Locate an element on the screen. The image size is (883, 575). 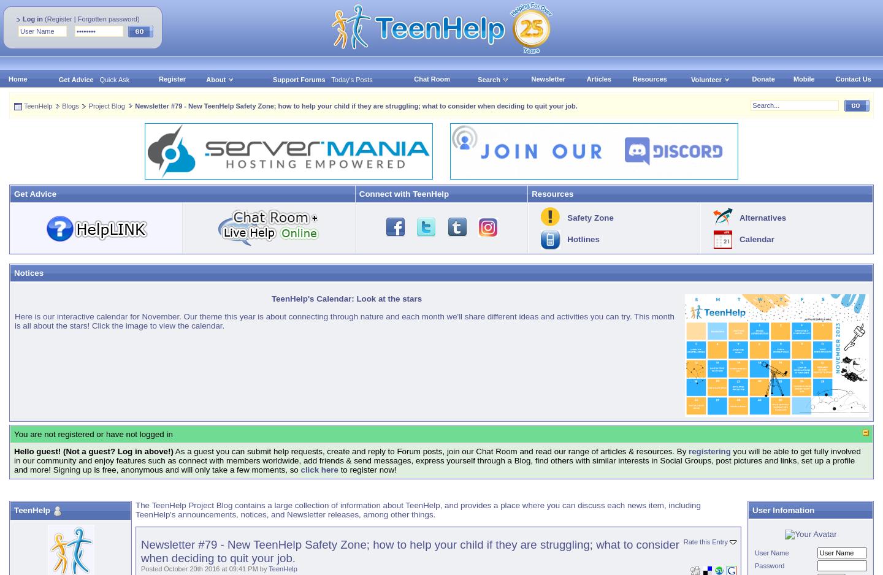
'Today's Posts' is located at coordinates (351, 78).